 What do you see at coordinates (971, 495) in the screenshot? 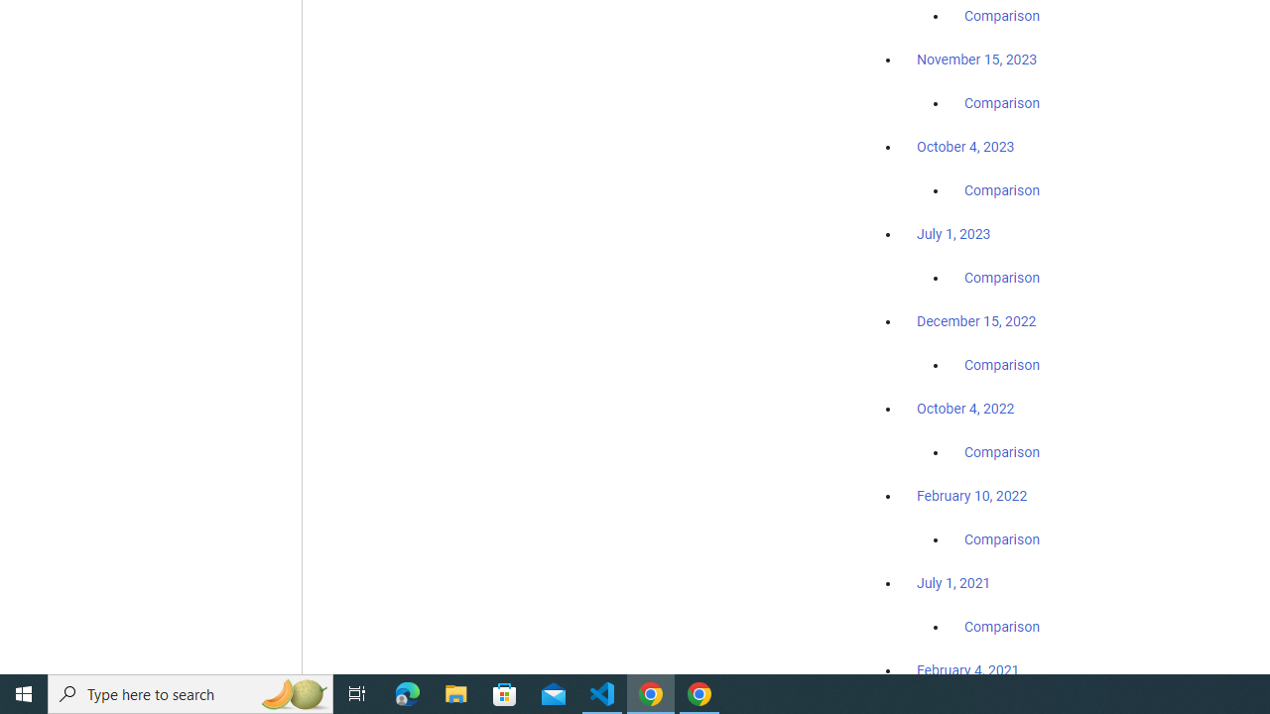
I see `'February 10, 2022'` at bounding box center [971, 495].